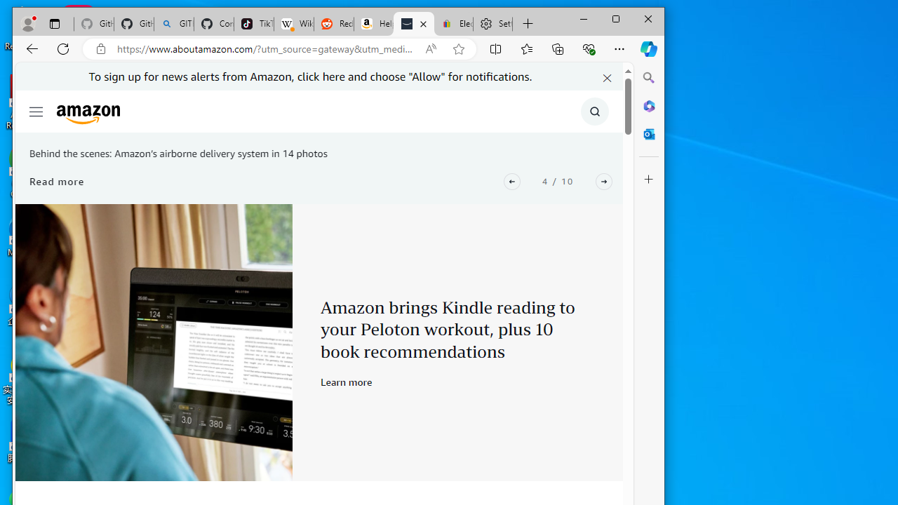 The height and width of the screenshot is (505, 898). What do you see at coordinates (173, 24) in the screenshot?
I see `'GITHUB - Search'` at bounding box center [173, 24].